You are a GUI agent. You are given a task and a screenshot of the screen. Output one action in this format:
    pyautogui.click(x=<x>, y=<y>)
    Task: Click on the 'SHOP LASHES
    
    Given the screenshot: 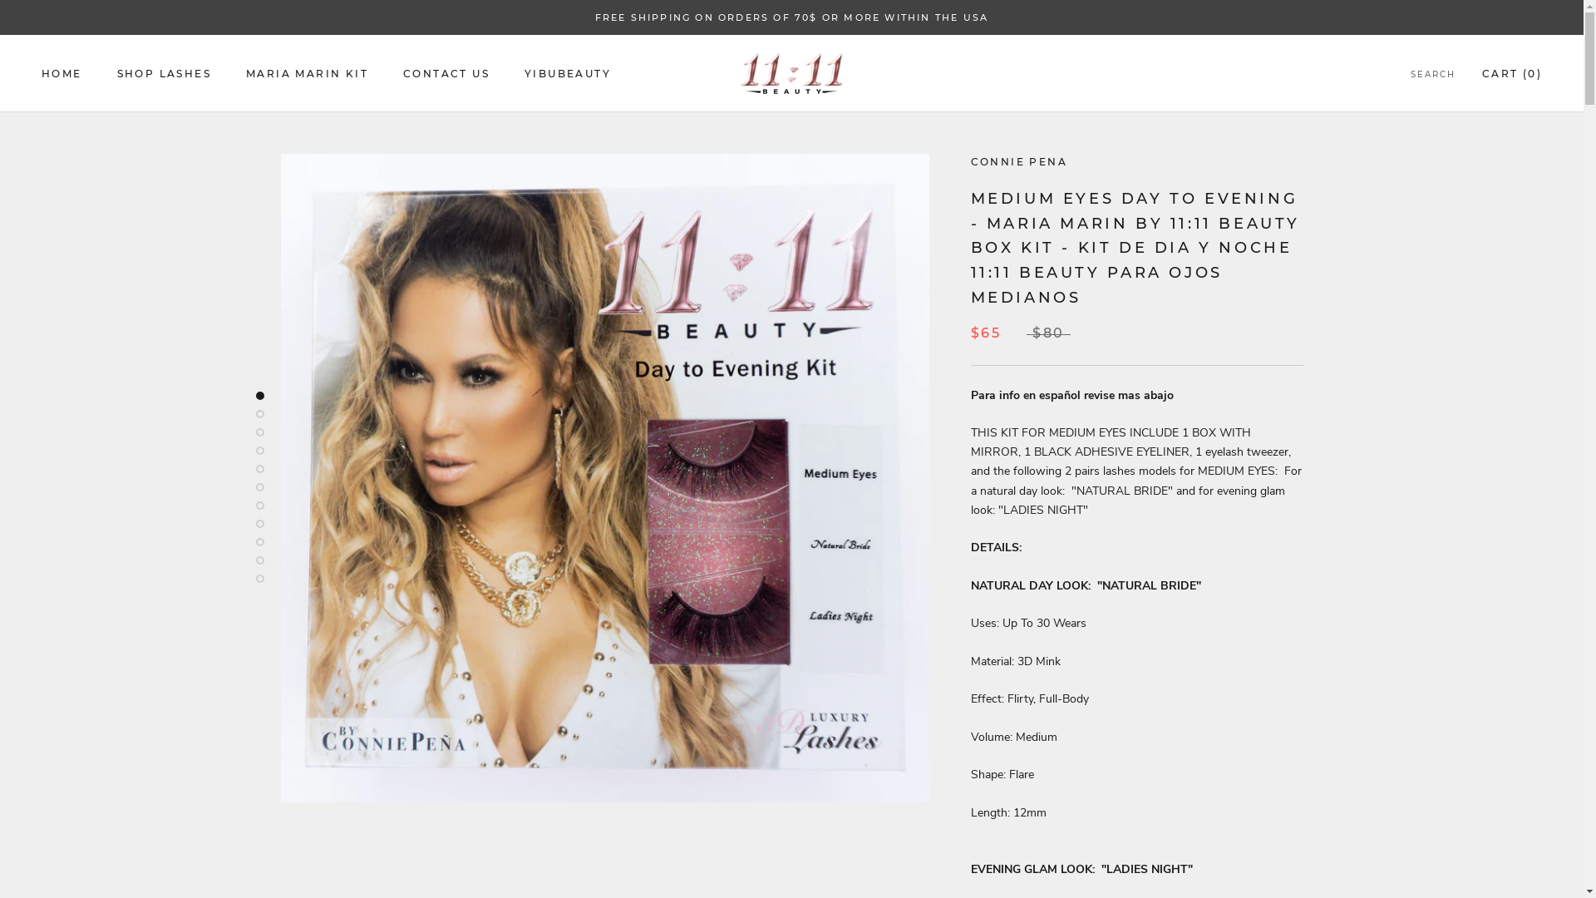 What is the action you would take?
    pyautogui.click(x=116, y=72)
    